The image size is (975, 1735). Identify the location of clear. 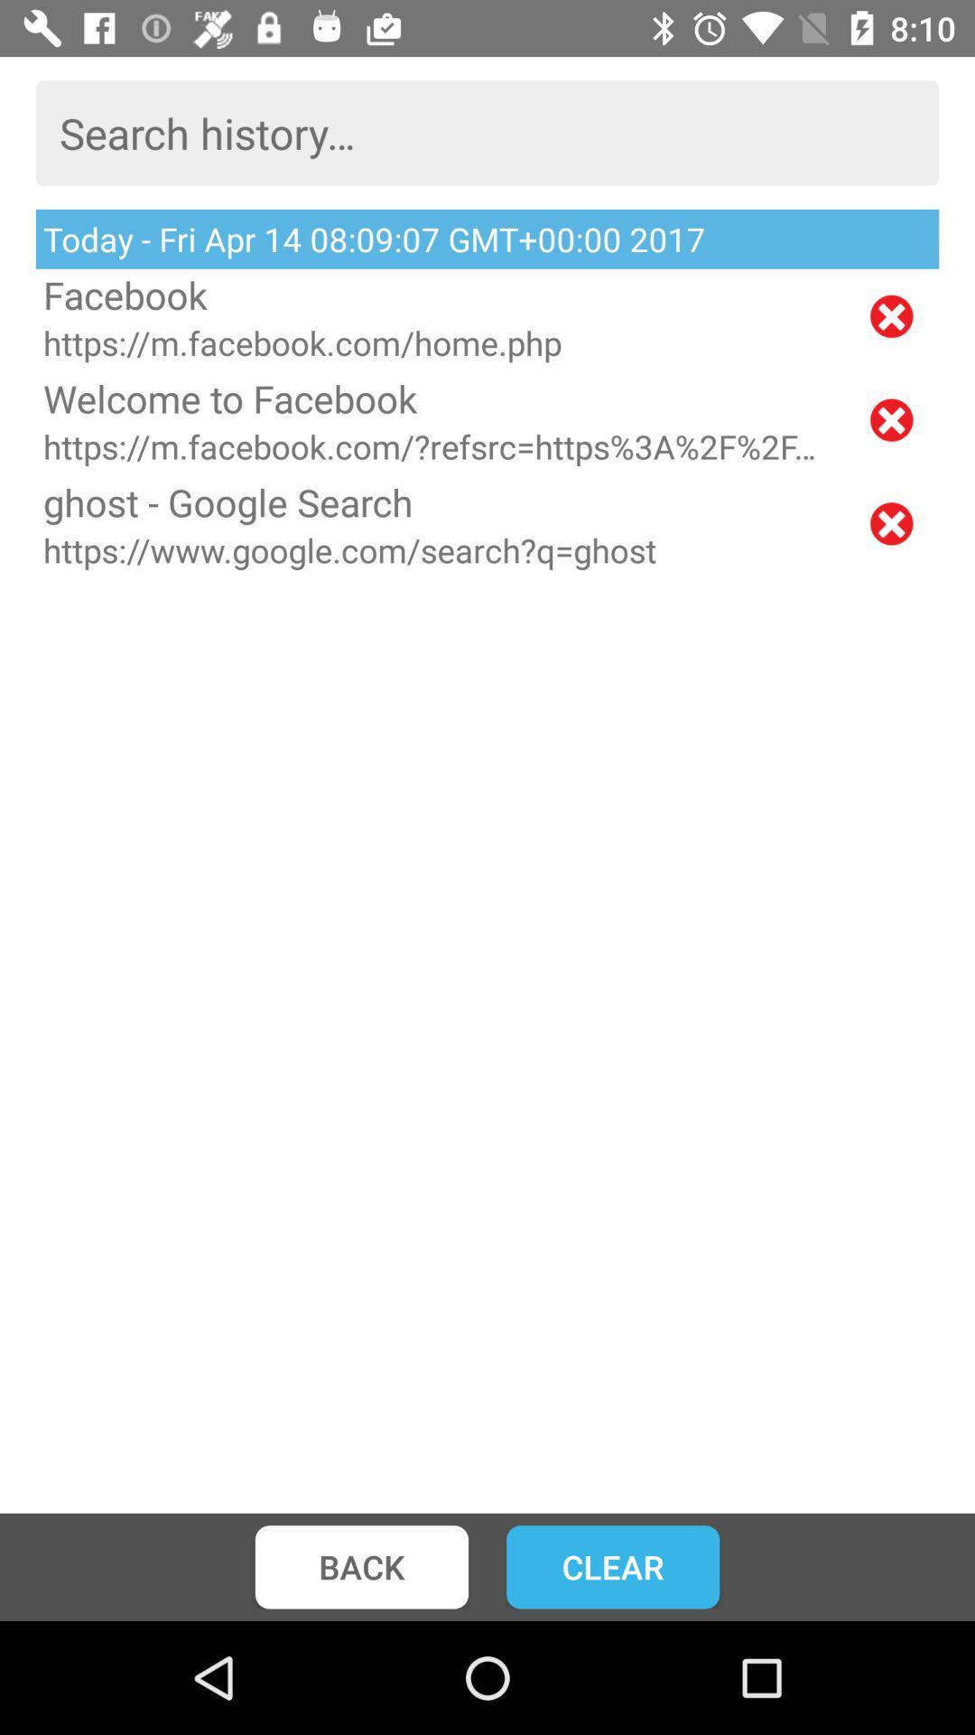
(612, 1566).